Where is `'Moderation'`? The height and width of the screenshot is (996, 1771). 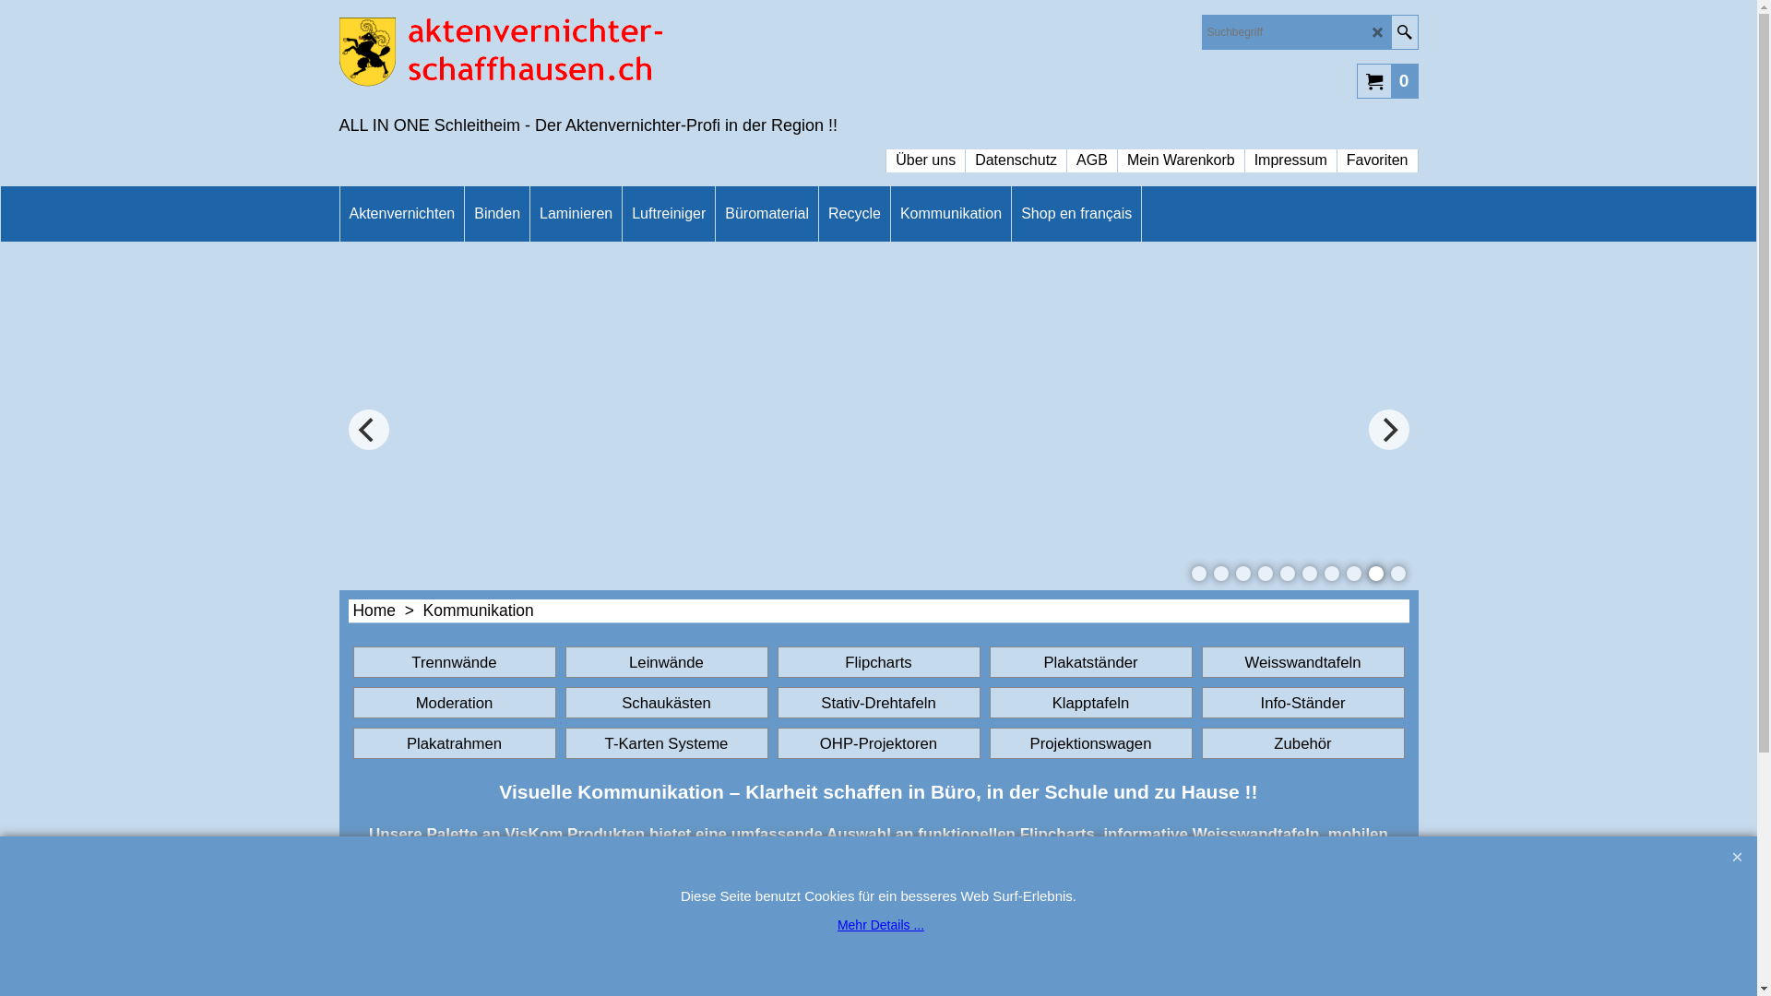
'Moderation' is located at coordinates (453, 703).